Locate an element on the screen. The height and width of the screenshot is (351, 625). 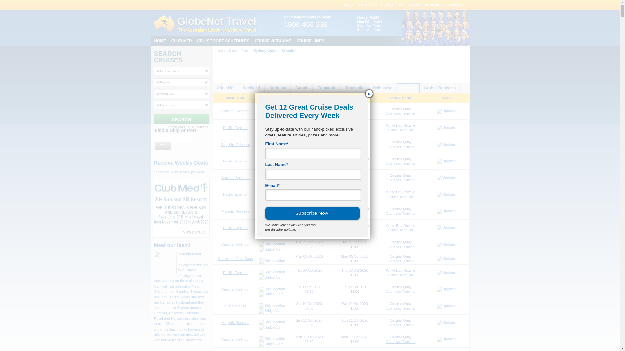
'Ship location' is located at coordinates (272, 211).